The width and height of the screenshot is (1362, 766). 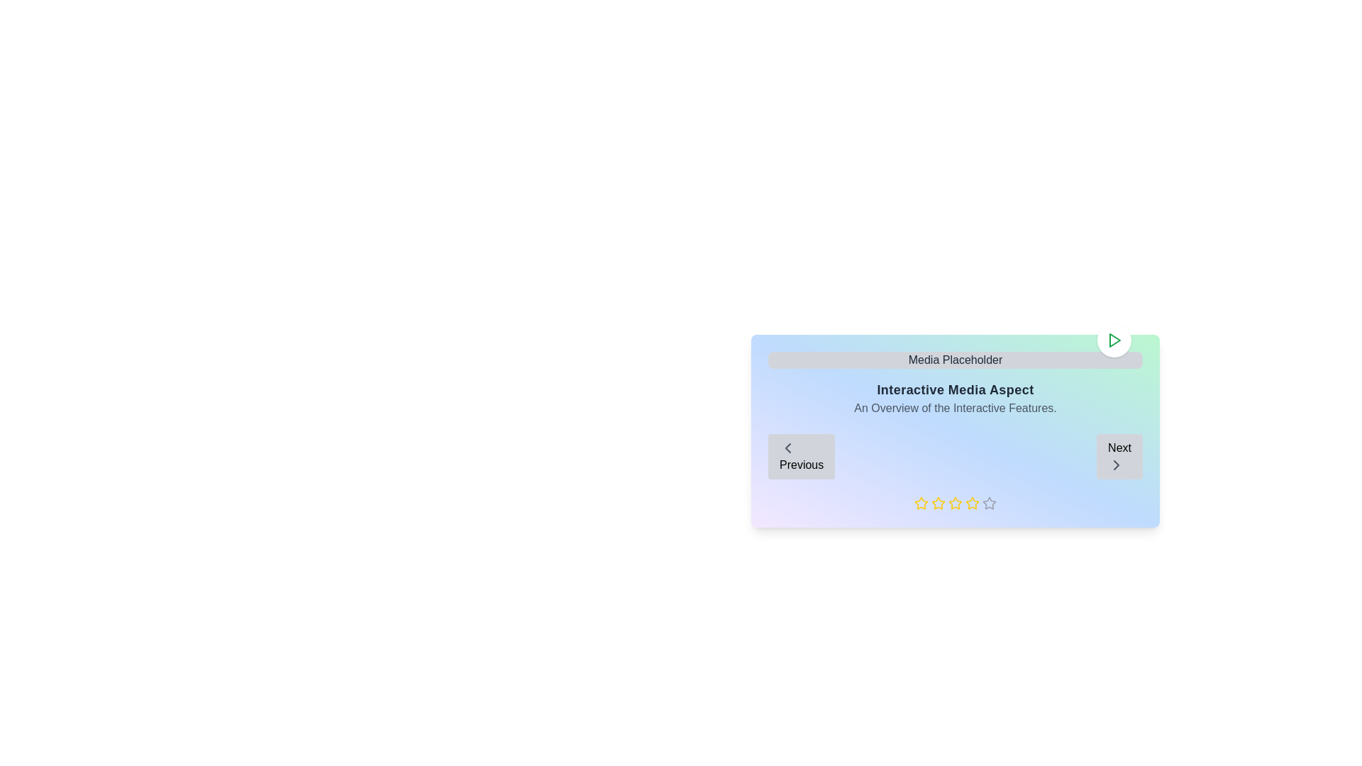 What do you see at coordinates (956, 360) in the screenshot?
I see `text label displaying 'Media Placeholder' located at the upper portion of the card-like layout` at bounding box center [956, 360].